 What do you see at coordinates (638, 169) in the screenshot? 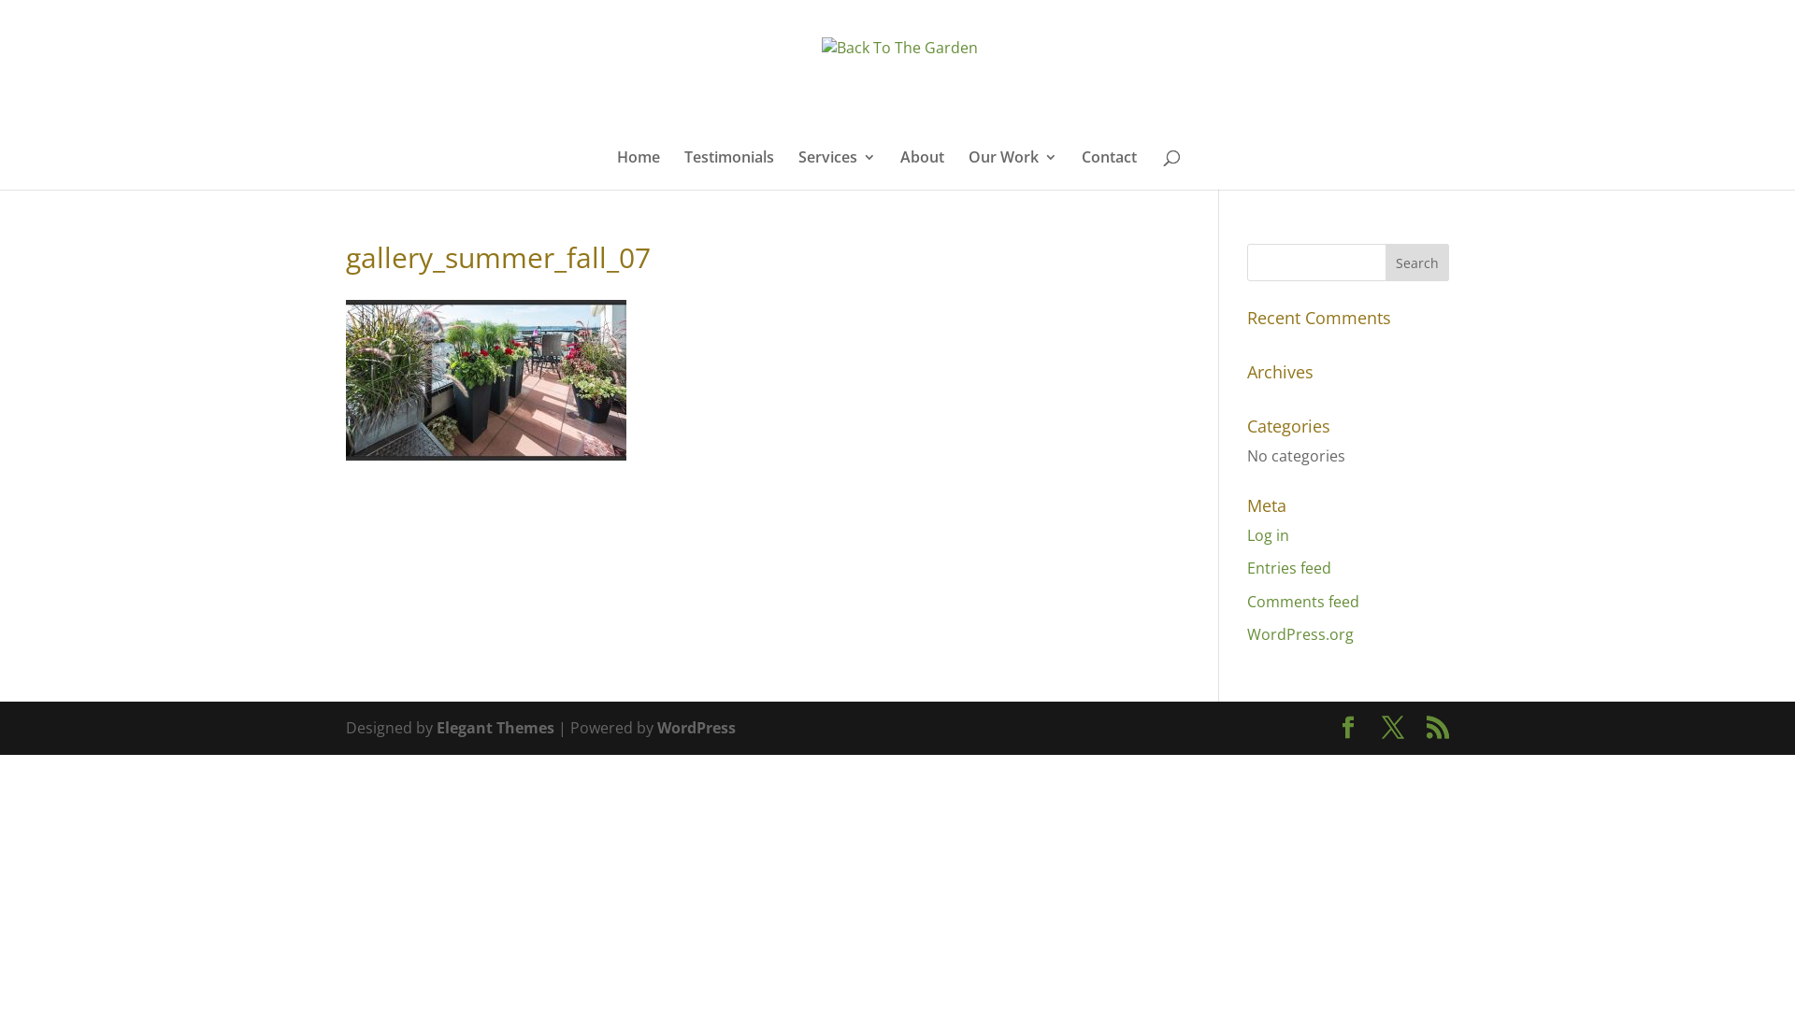
I see `'Home'` at bounding box center [638, 169].